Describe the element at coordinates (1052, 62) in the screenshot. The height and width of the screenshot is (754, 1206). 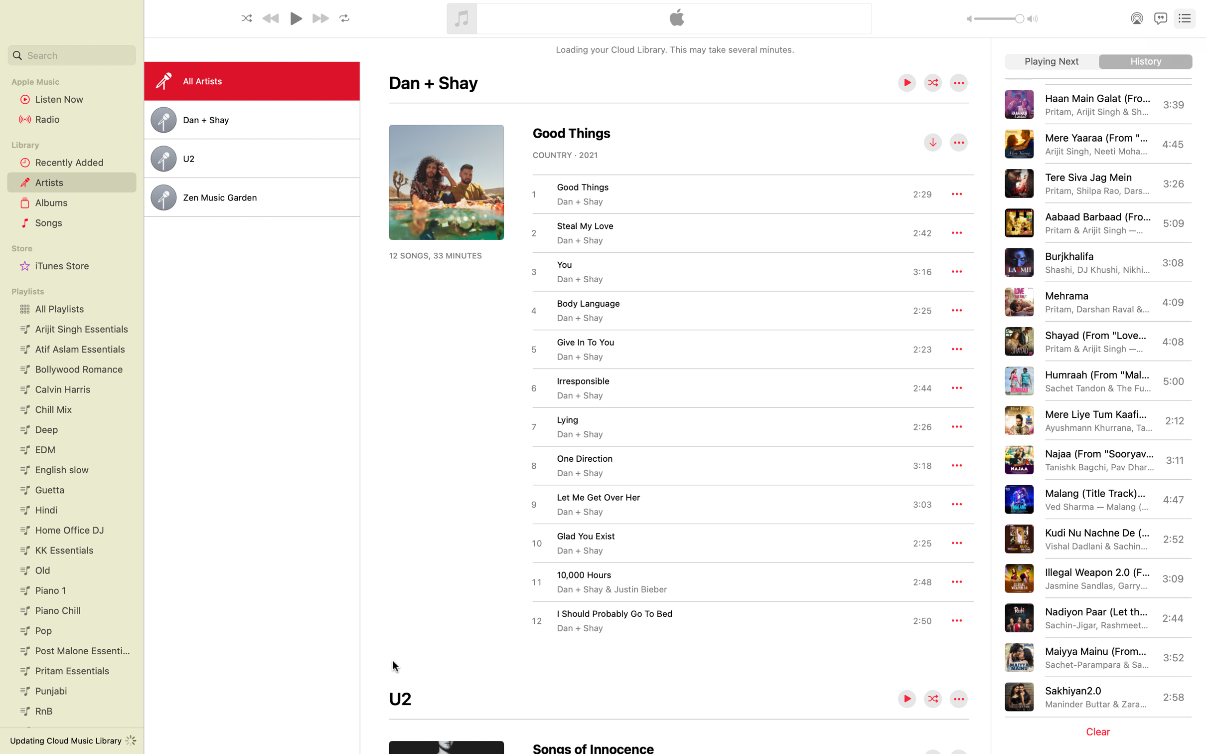
I see `Advance to the following music in the list` at that location.